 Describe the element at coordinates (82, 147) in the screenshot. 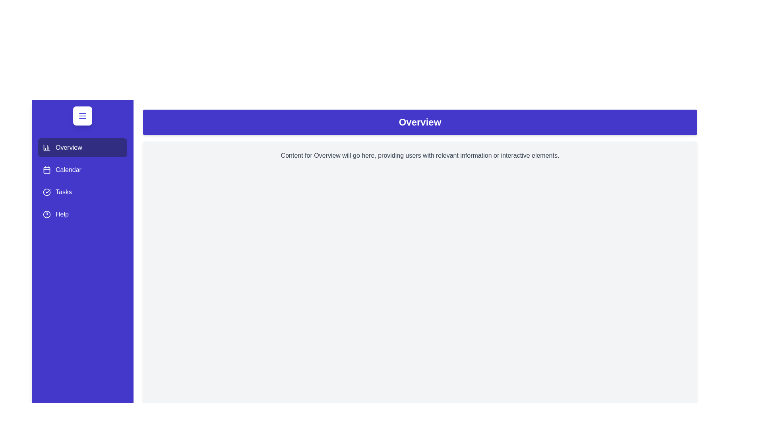

I see `the Overview tab` at that location.